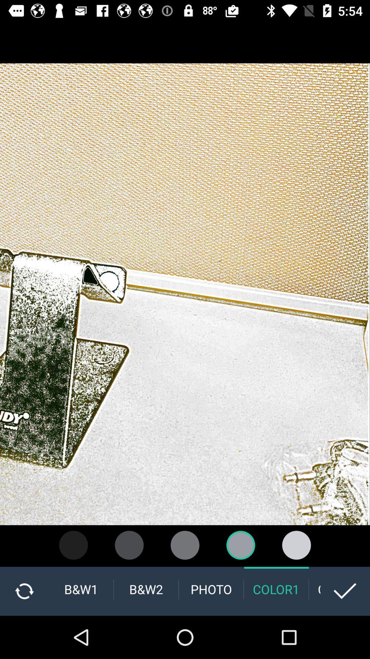 The width and height of the screenshot is (370, 659). What do you see at coordinates (129, 545) in the screenshot?
I see `the avatar icon` at bounding box center [129, 545].